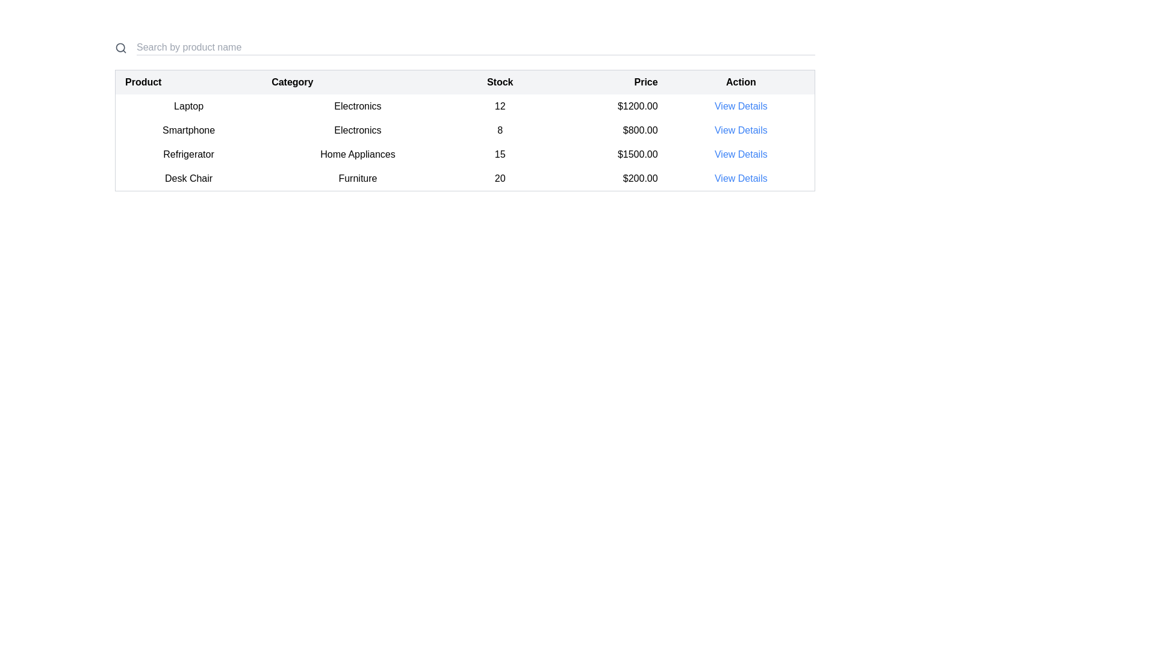 The image size is (1156, 650). I want to click on the text element displaying 'Laptop', which is located in the first column of a product listing table under the 'Product' header, so click(188, 106).